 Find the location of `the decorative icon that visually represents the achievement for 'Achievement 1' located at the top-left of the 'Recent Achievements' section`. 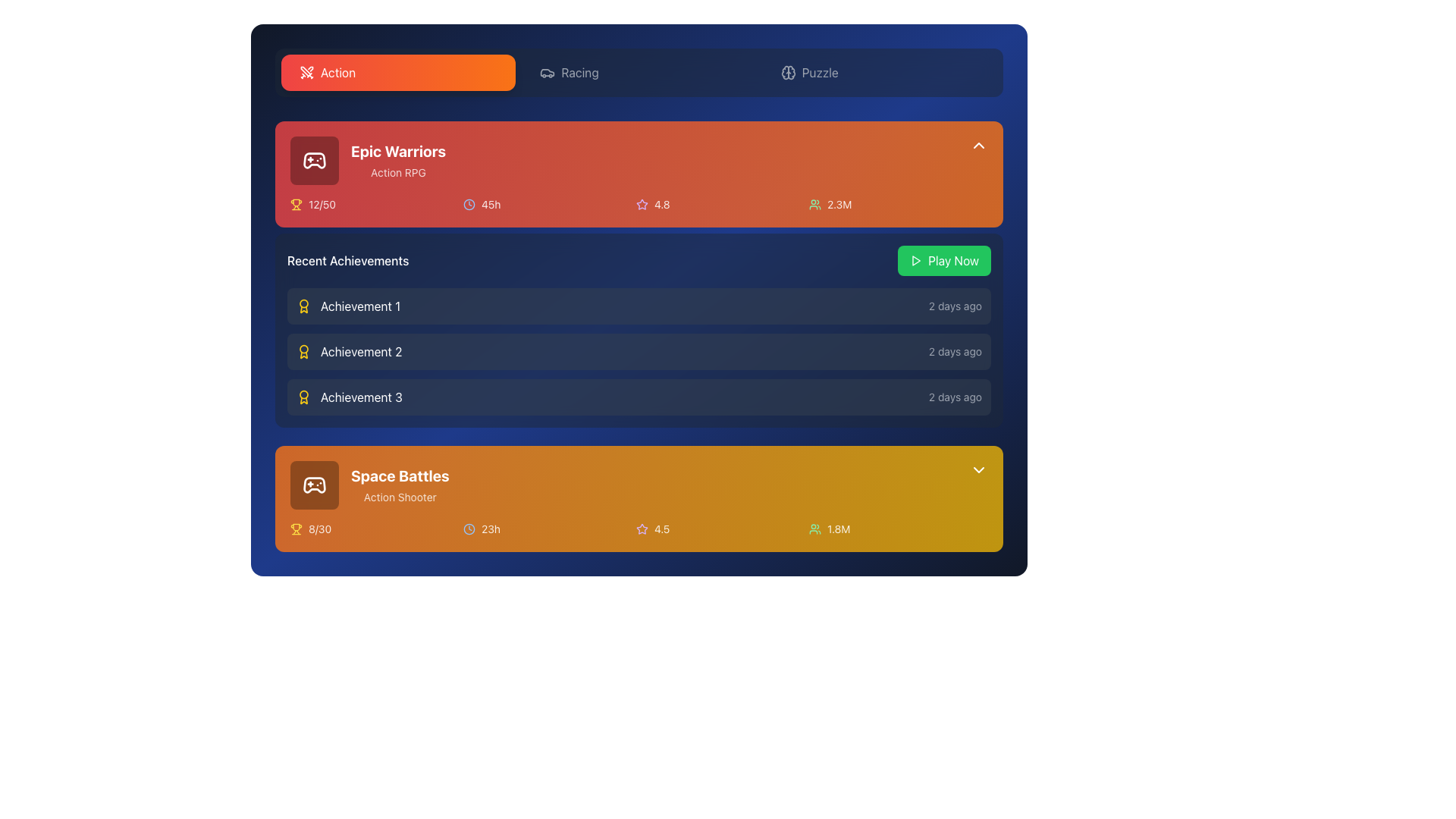

the decorative icon that visually represents the achievement for 'Achievement 1' located at the top-left of the 'Recent Achievements' section is located at coordinates (303, 306).